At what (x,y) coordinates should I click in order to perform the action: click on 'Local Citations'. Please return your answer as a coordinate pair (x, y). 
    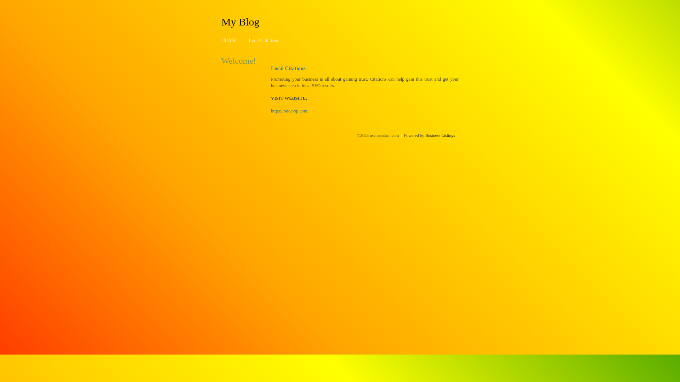
    Looking at the image, I should click on (263, 40).